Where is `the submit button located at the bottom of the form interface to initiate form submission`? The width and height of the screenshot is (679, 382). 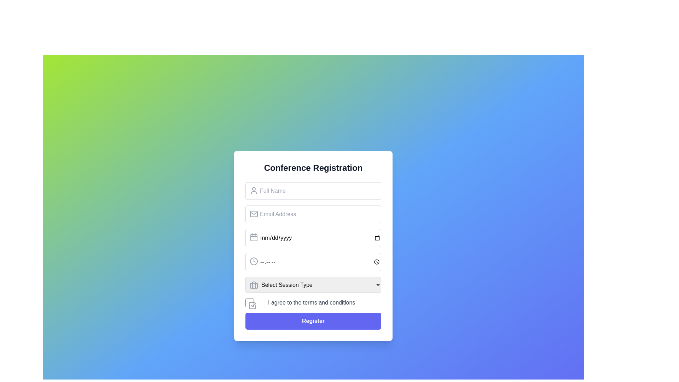 the submit button located at the bottom of the form interface to initiate form submission is located at coordinates (313, 321).